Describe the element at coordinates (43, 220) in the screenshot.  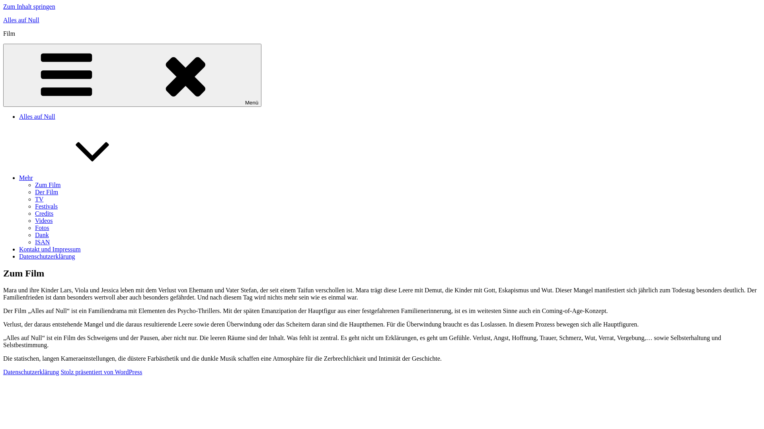
I see `'Videos'` at that location.